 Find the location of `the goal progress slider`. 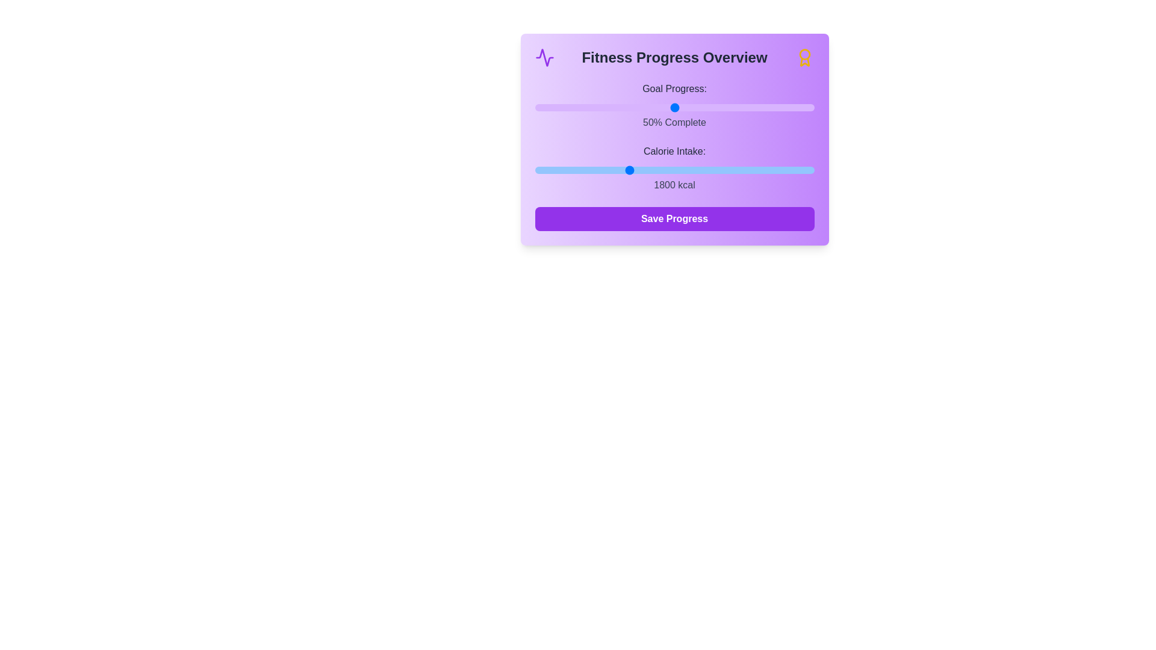

the goal progress slider is located at coordinates (618, 107).